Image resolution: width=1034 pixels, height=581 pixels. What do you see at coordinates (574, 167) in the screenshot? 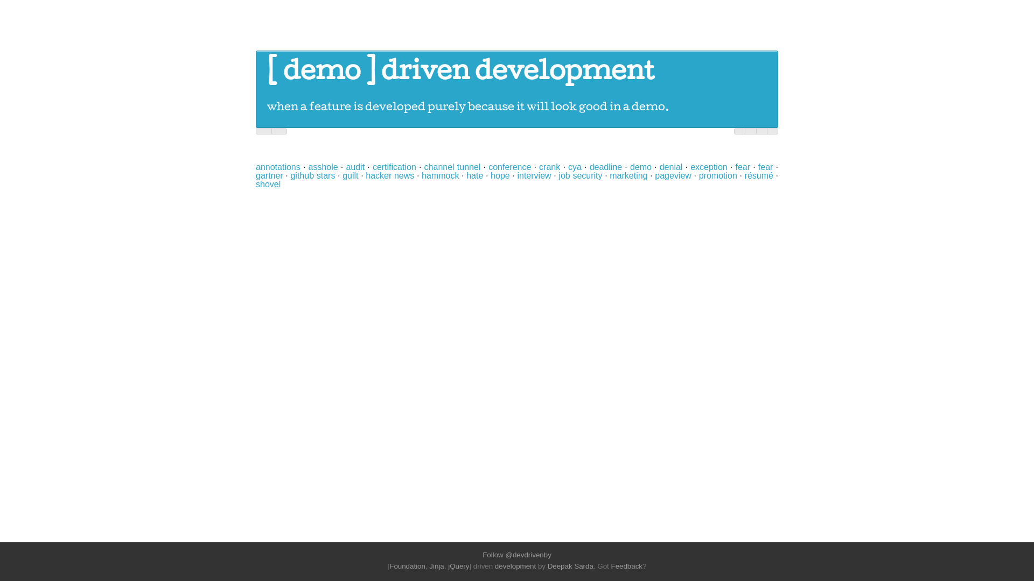
I see `'cya'` at bounding box center [574, 167].